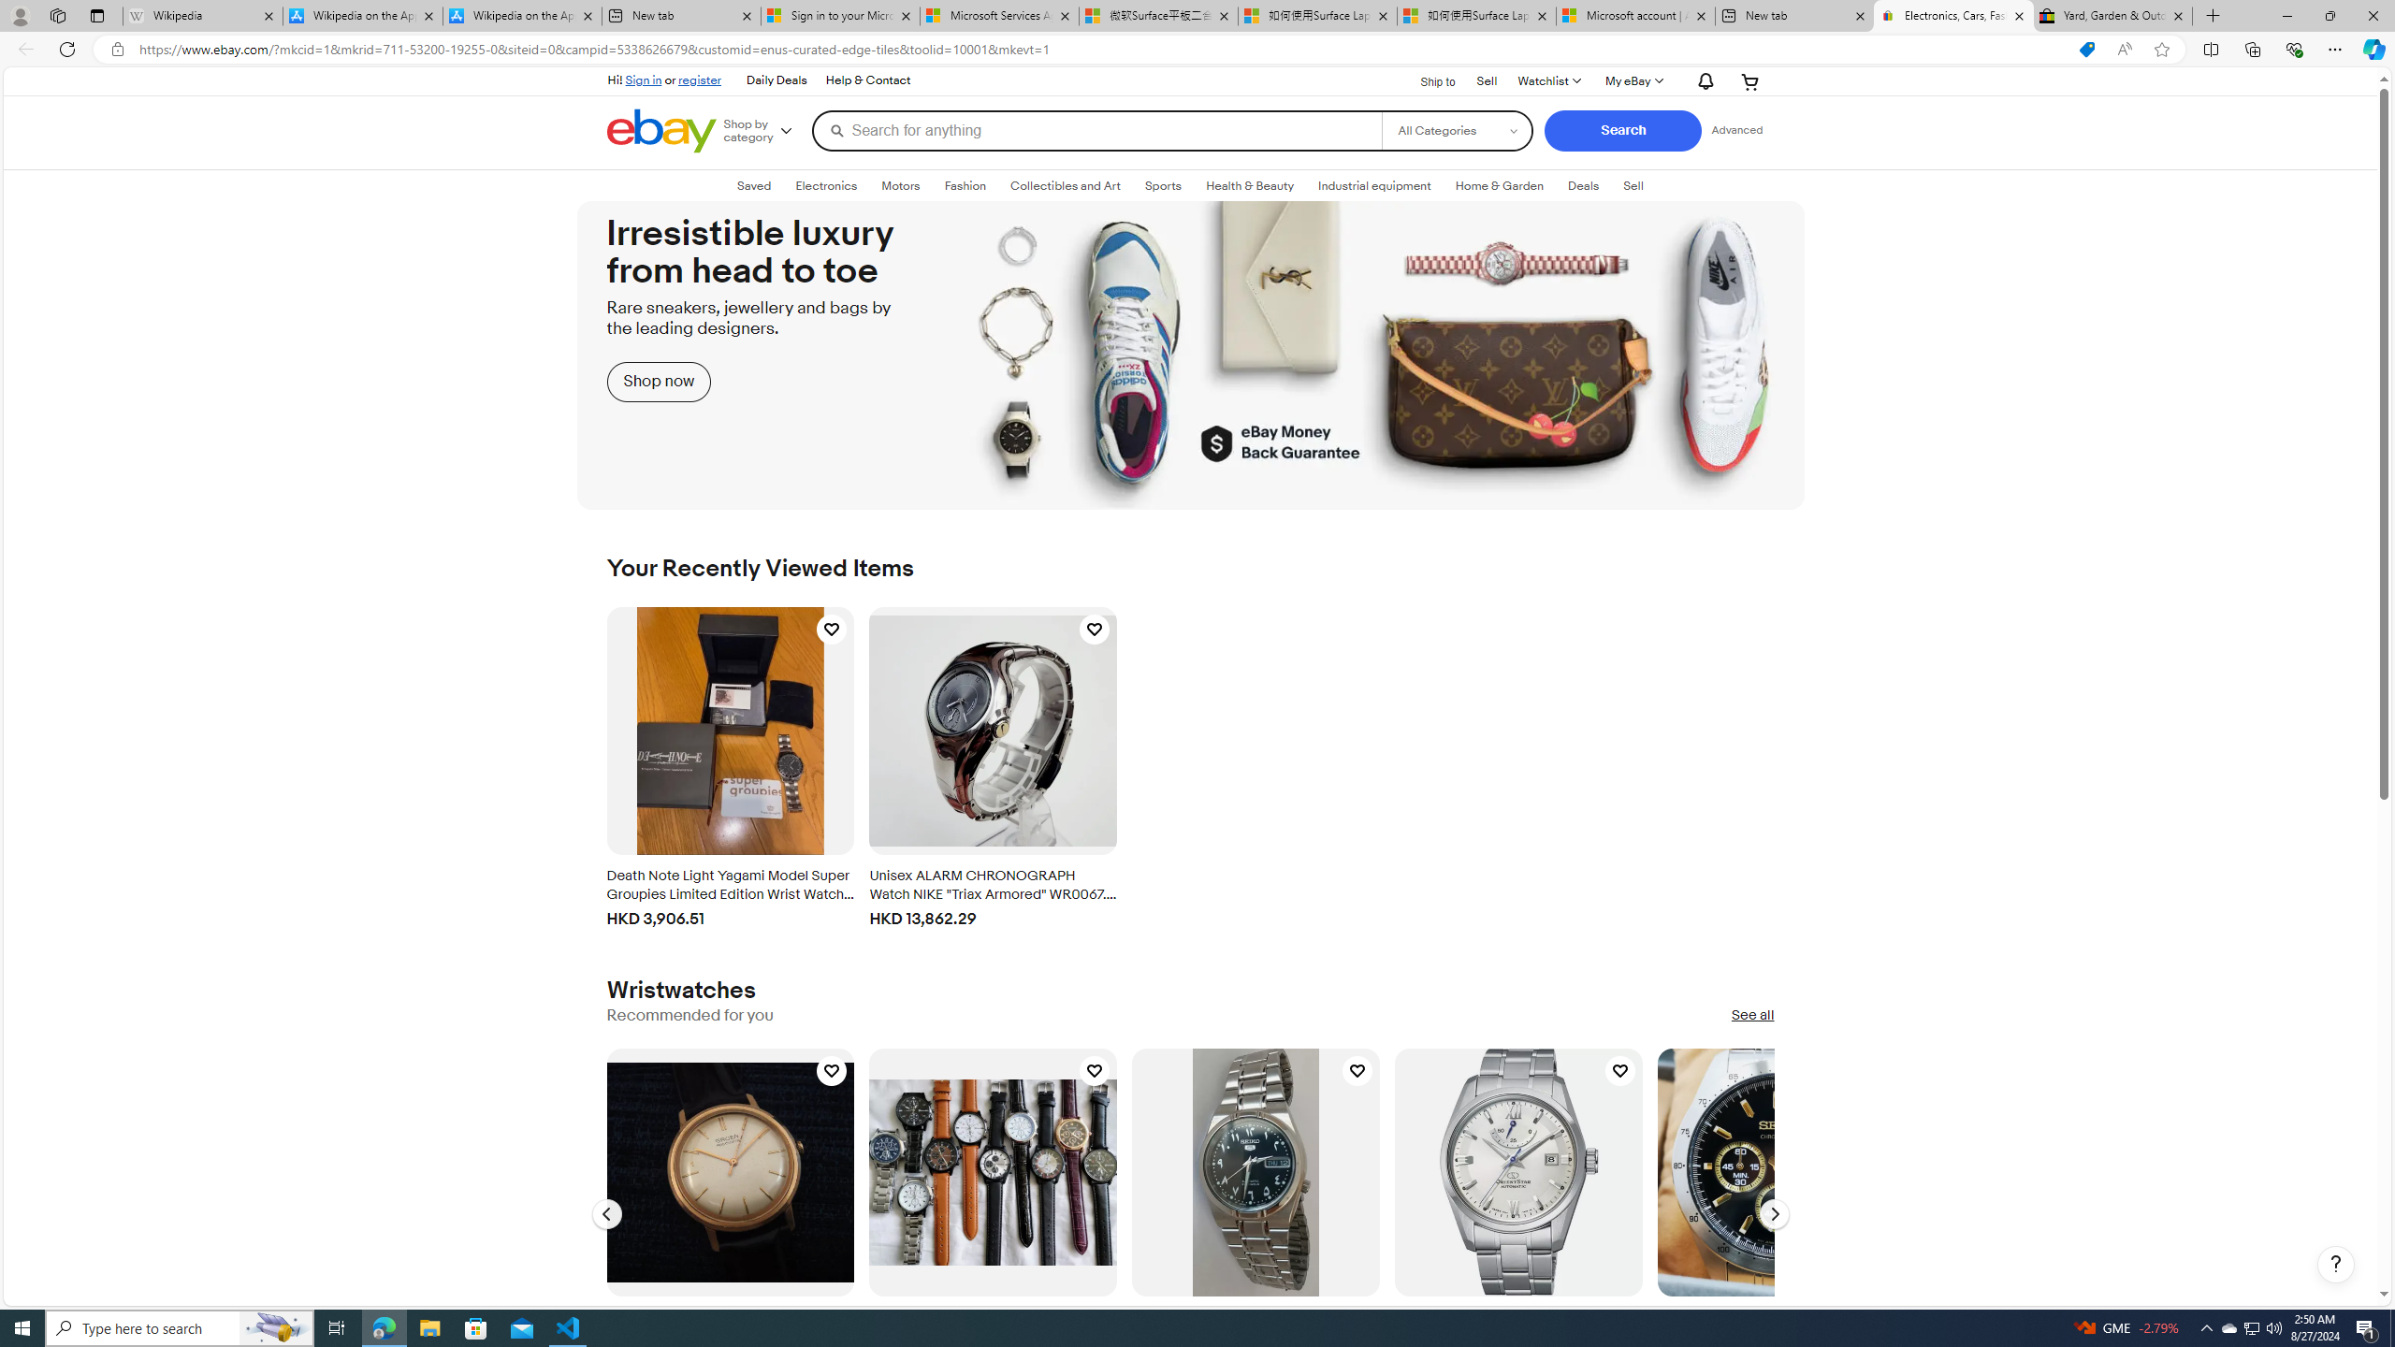 This screenshot has height=1347, width=2395. I want to click on 'My eBay', so click(1632, 81).